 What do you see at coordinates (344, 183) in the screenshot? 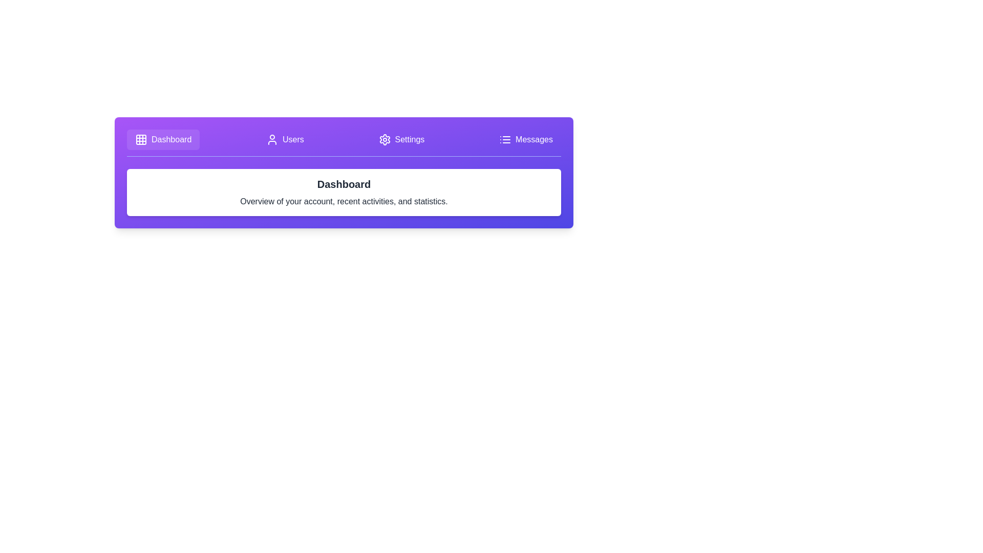
I see `the title or header text that indicates the Dashboard section of the application, located in the upper-central area of the content section` at bounding box center [344, 183].